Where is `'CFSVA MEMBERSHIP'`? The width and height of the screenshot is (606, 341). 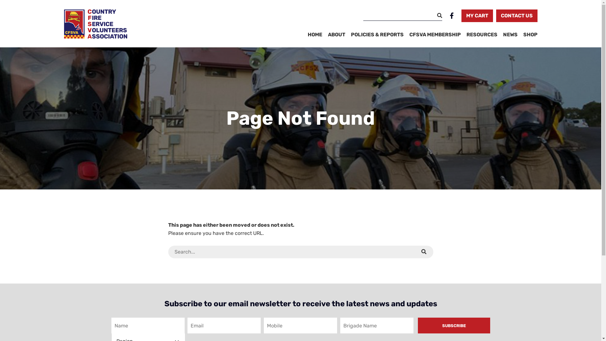
'CFSVA MEMBERSHIP' is located at coordinates (434, 34).